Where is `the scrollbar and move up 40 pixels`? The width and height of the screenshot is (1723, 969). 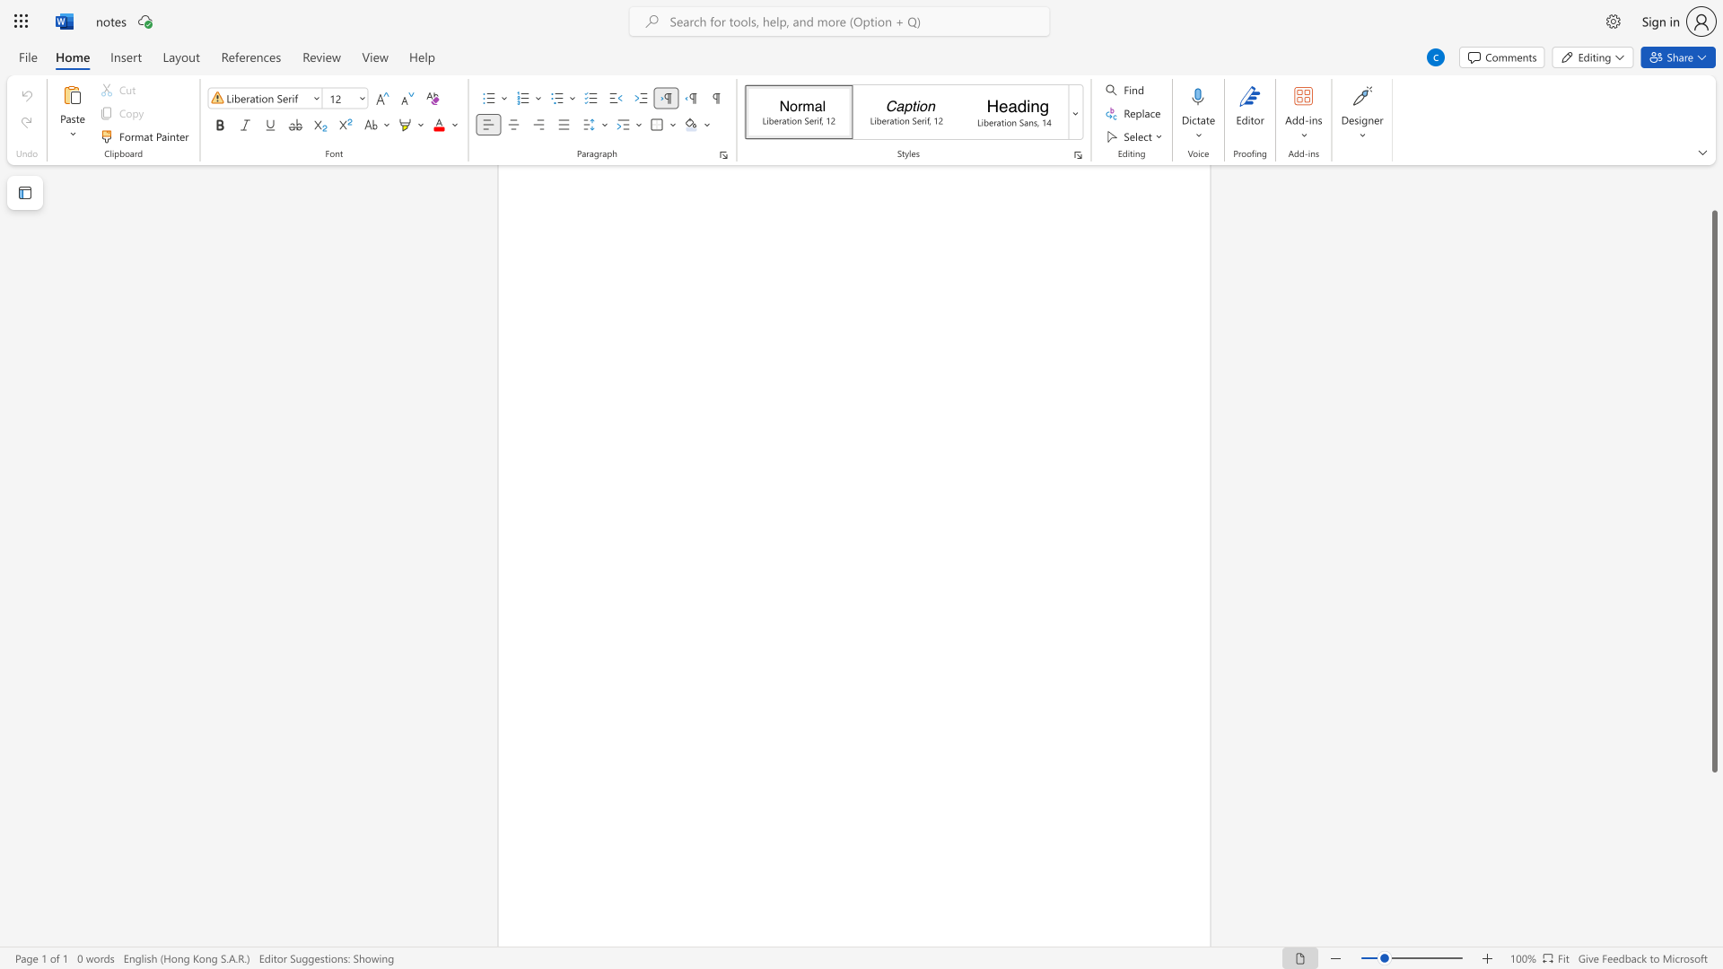 the scrollbar and move up 40 pixels is located at coordinates (1713, 491).